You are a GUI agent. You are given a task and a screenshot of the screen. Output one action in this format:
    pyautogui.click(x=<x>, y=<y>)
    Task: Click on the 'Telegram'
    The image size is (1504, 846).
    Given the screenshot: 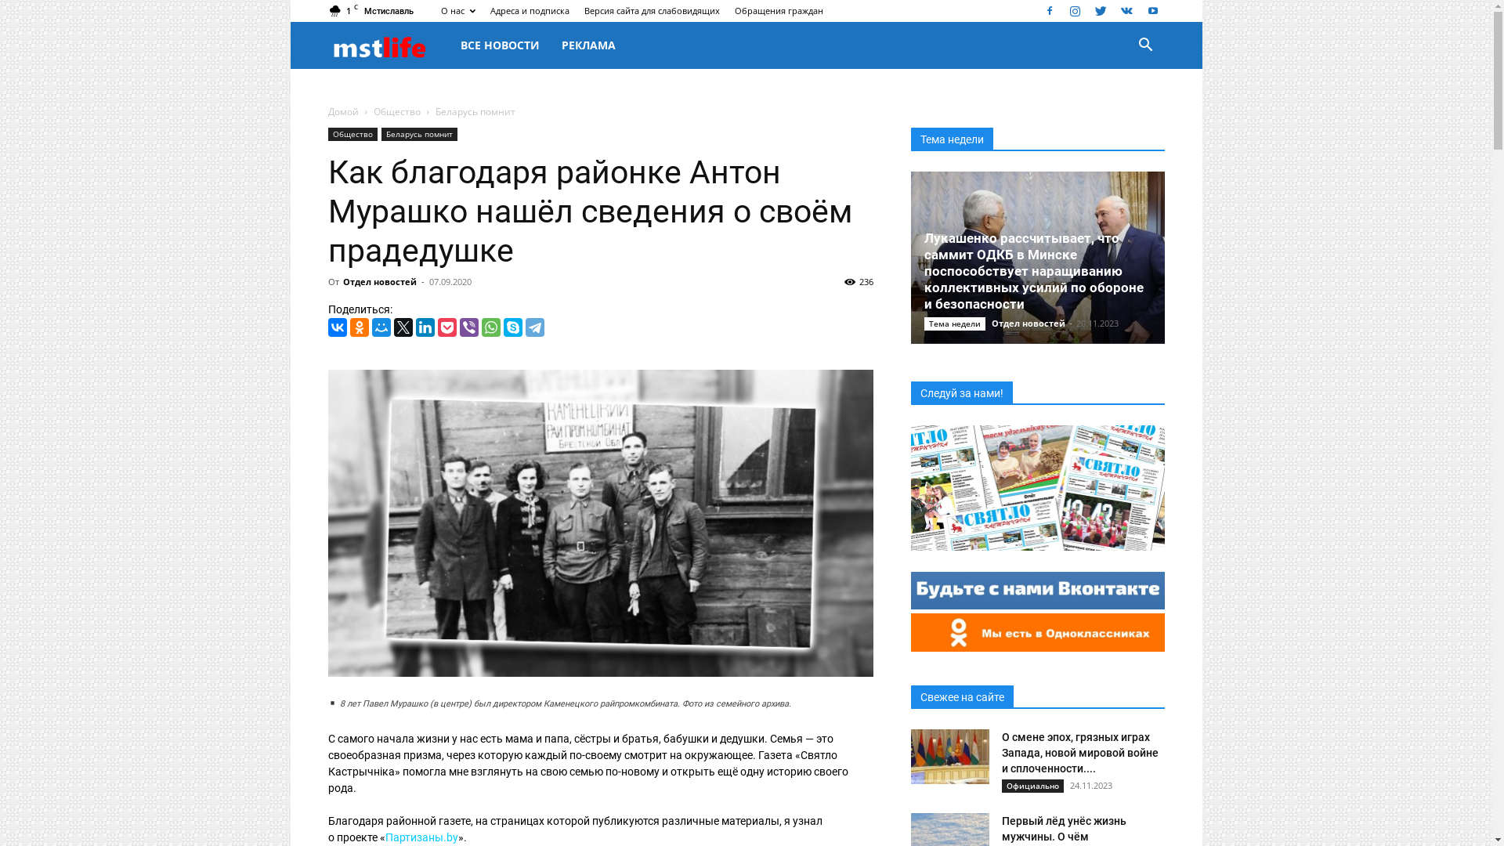 What is the action you would take?
    pyautogui.click(x=525, y=326)
    